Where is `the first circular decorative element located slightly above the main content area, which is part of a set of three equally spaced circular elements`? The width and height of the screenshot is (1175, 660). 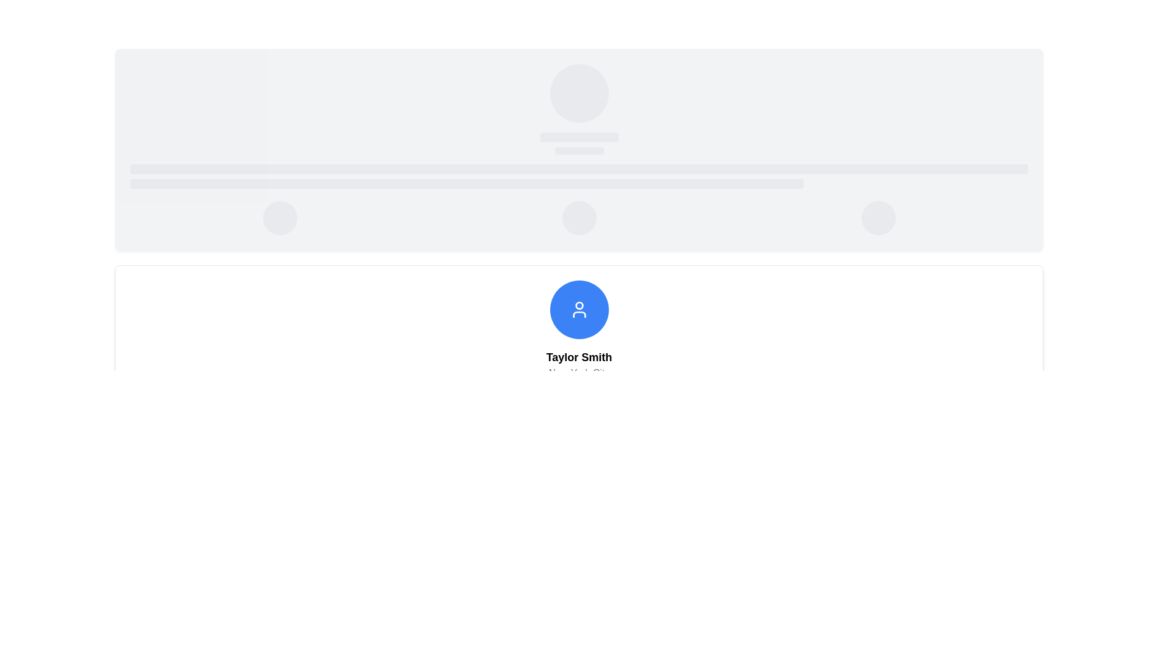
the first circular decorative element located slightly above the main content area, which is part of a set of three equally spaced circular elements is located at coordinates (279, 218).